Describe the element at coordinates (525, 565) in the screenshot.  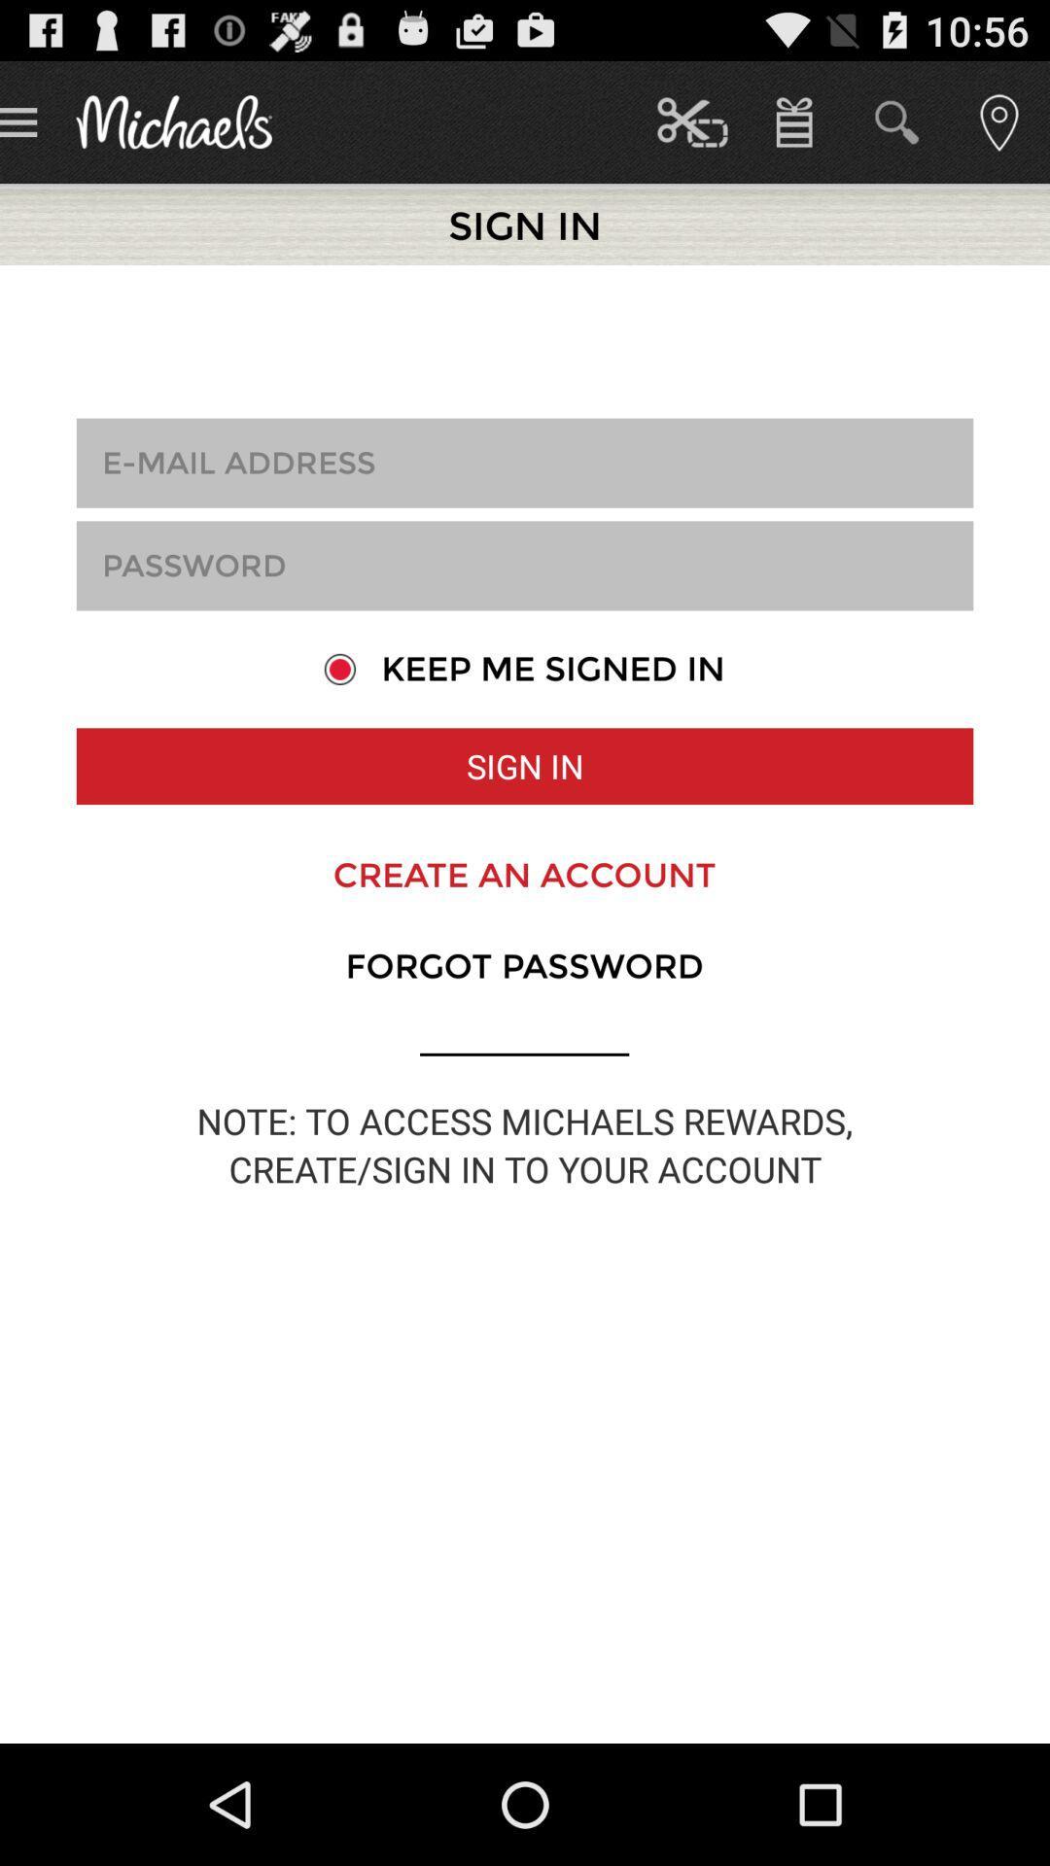
I see `text box for password` at that location.